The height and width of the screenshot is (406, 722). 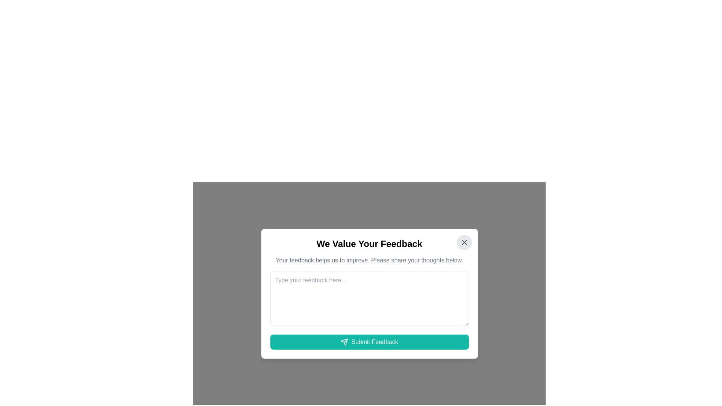 What do you see at coordinates (464, 242) in the screenshot?
I see `the circular close button with a light gray background and a darker gray 'X' icon` at bounding box center [464, 242].